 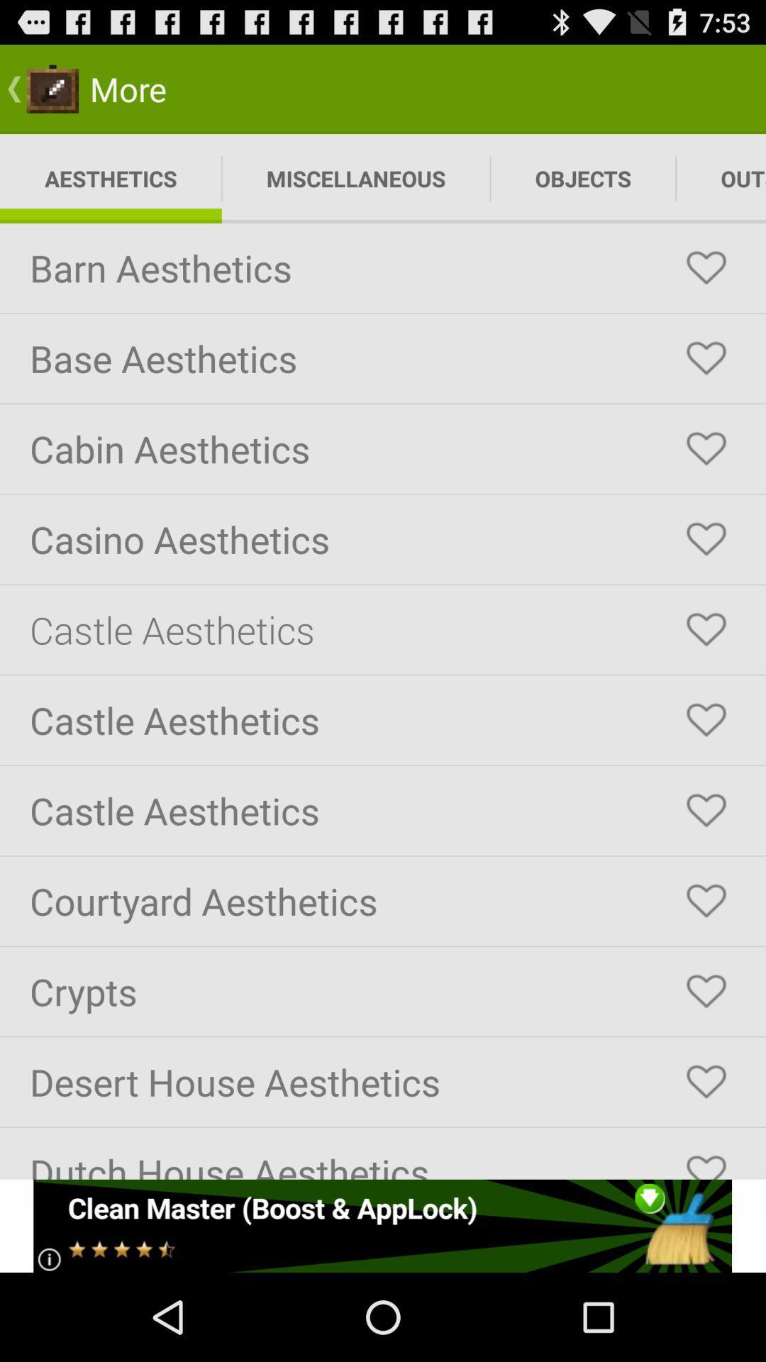 What do you see at coordinates (706, 1081) in the screenshot?
I see `option` at bounding box center [706, 1081].